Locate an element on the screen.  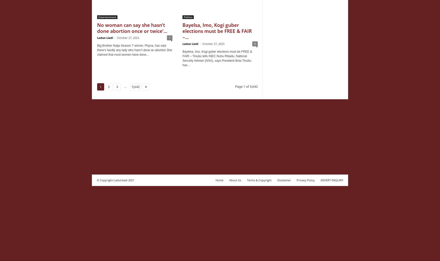
'Bayelsa, Imo, Kogi guber elections must be FREE & FAIR –...' is located at coordinates (182, 31).